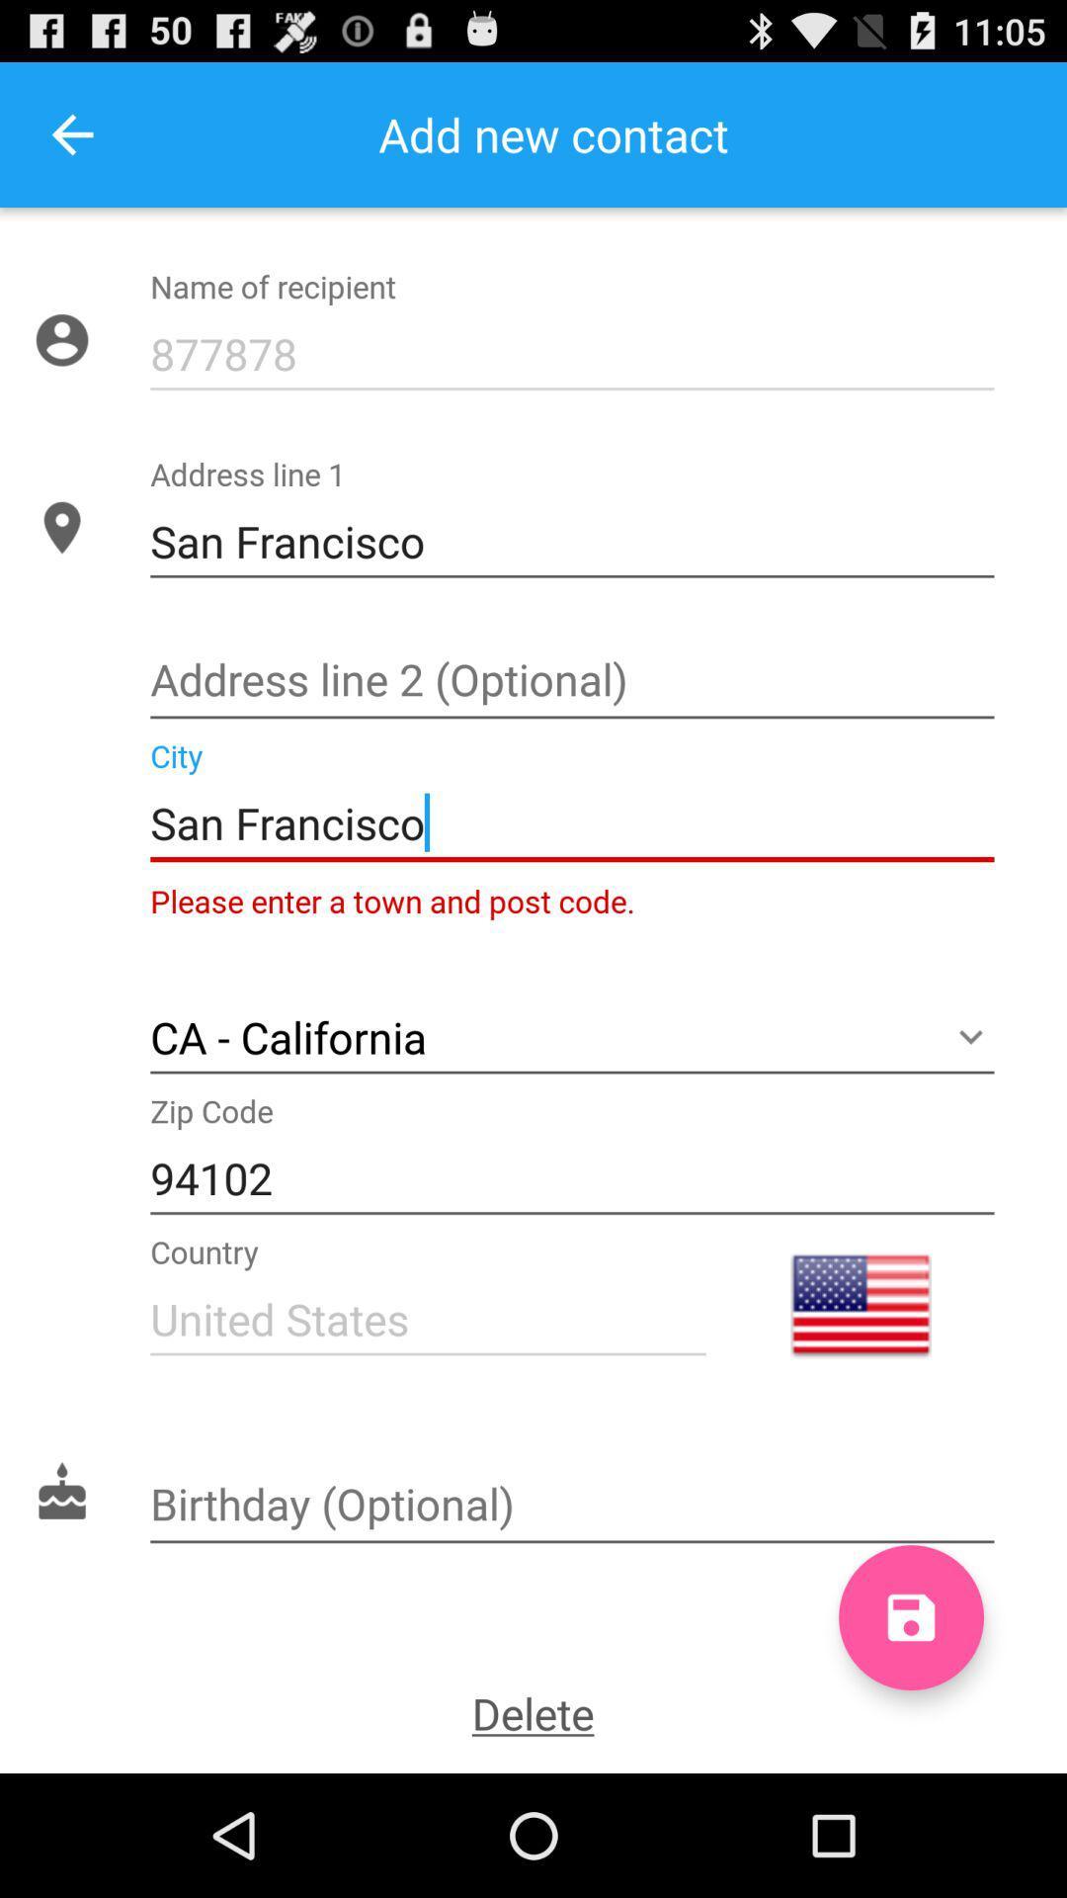 The height and width of the screenshot is (1898, 1067). What do you see at coordinates (572, 1506) in the screenshot?
I see `birthday textarea` at bounding box center [572, 1506].